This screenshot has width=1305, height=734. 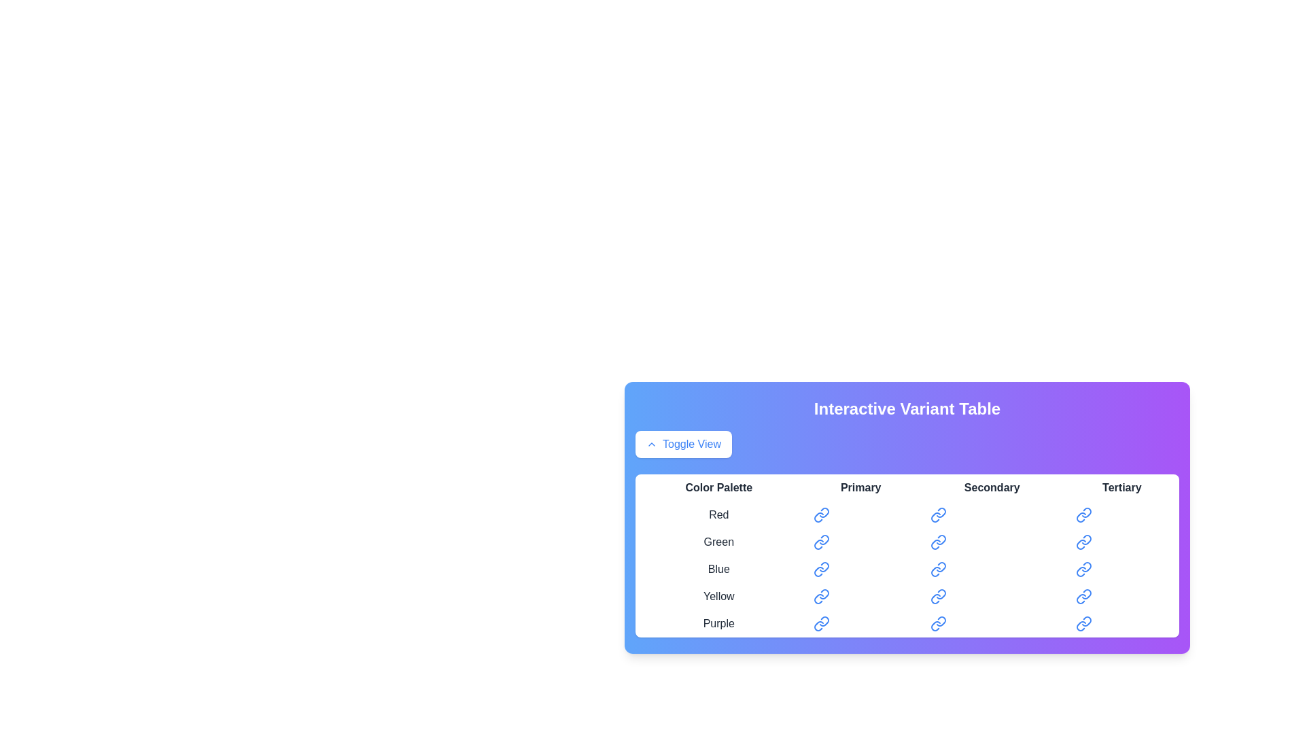 What do you see at coordinates (907, 518) in the screenshot?
I see `the interactive elements within the 'Interactive Variant Table' component, which is a table-like structure with a gradient background located in the middle-right section of the UI` at bounding box center [907, 518].